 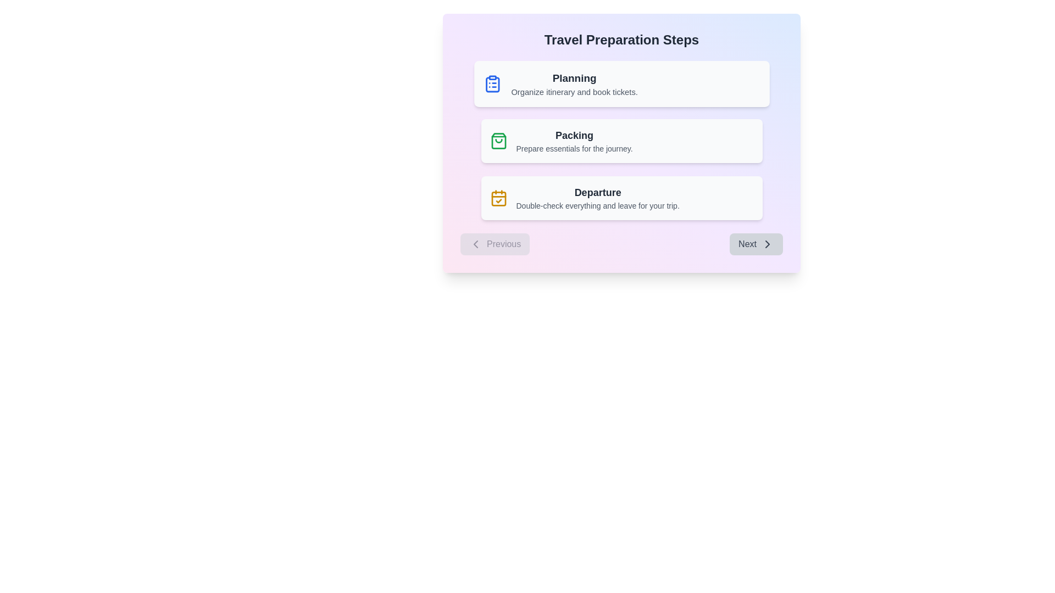 I want to click on the 'Planning' step text label that provides information about organizing the itinerary and booking tickets, located at the top of the list of steps in the 'Travel Preparation Steps' section, so click(x=574, y=83).